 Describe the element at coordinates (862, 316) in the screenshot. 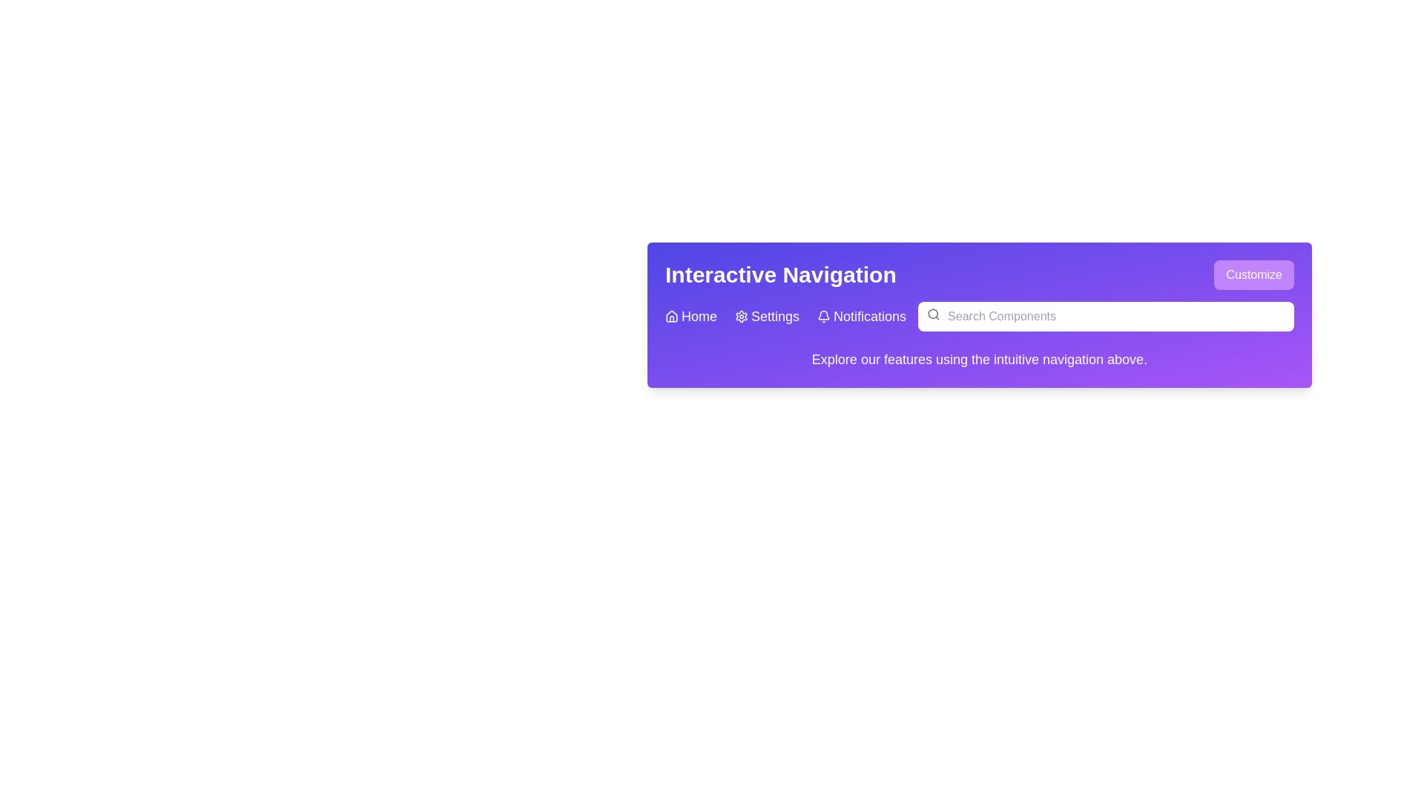

I see `the 'Notifications' interactive link with a bell icon` at that location.